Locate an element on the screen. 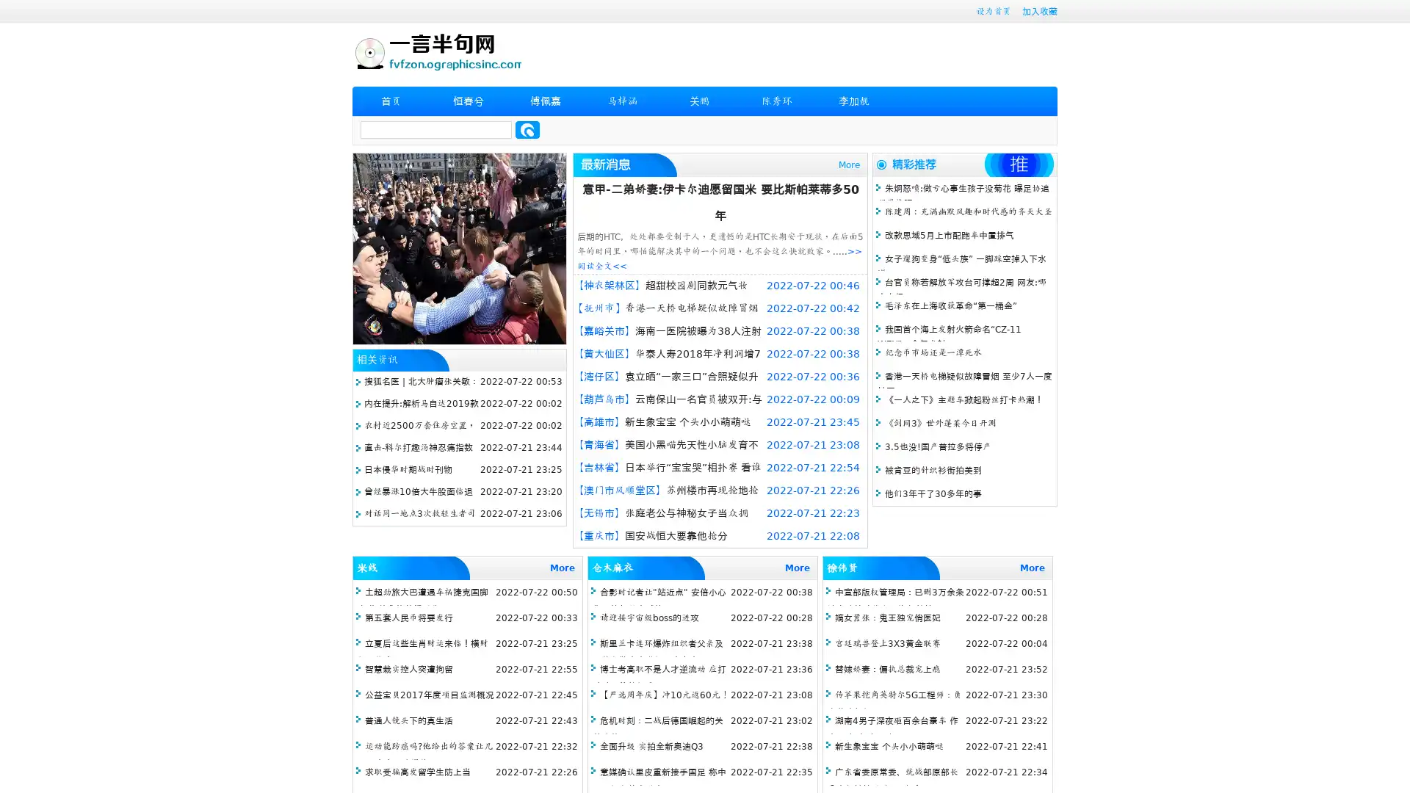  Search is located at coordinates (527, 129).